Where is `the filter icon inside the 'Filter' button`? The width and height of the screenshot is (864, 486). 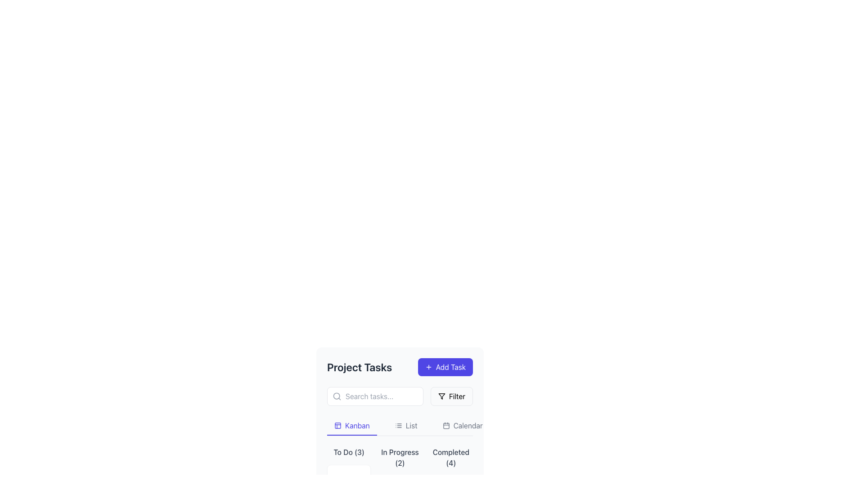 the filter icon inside the 'Filter' button is located at coordinates (441, 396).